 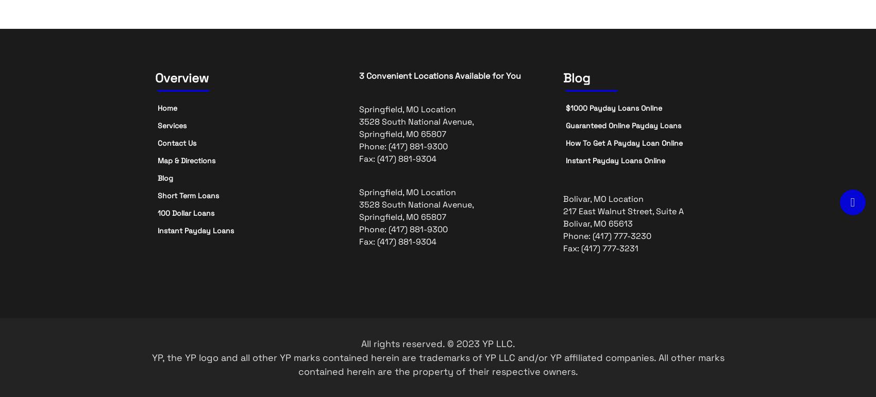 I want to click on 'Instant Payday Loans', so click(x=195, y=230).